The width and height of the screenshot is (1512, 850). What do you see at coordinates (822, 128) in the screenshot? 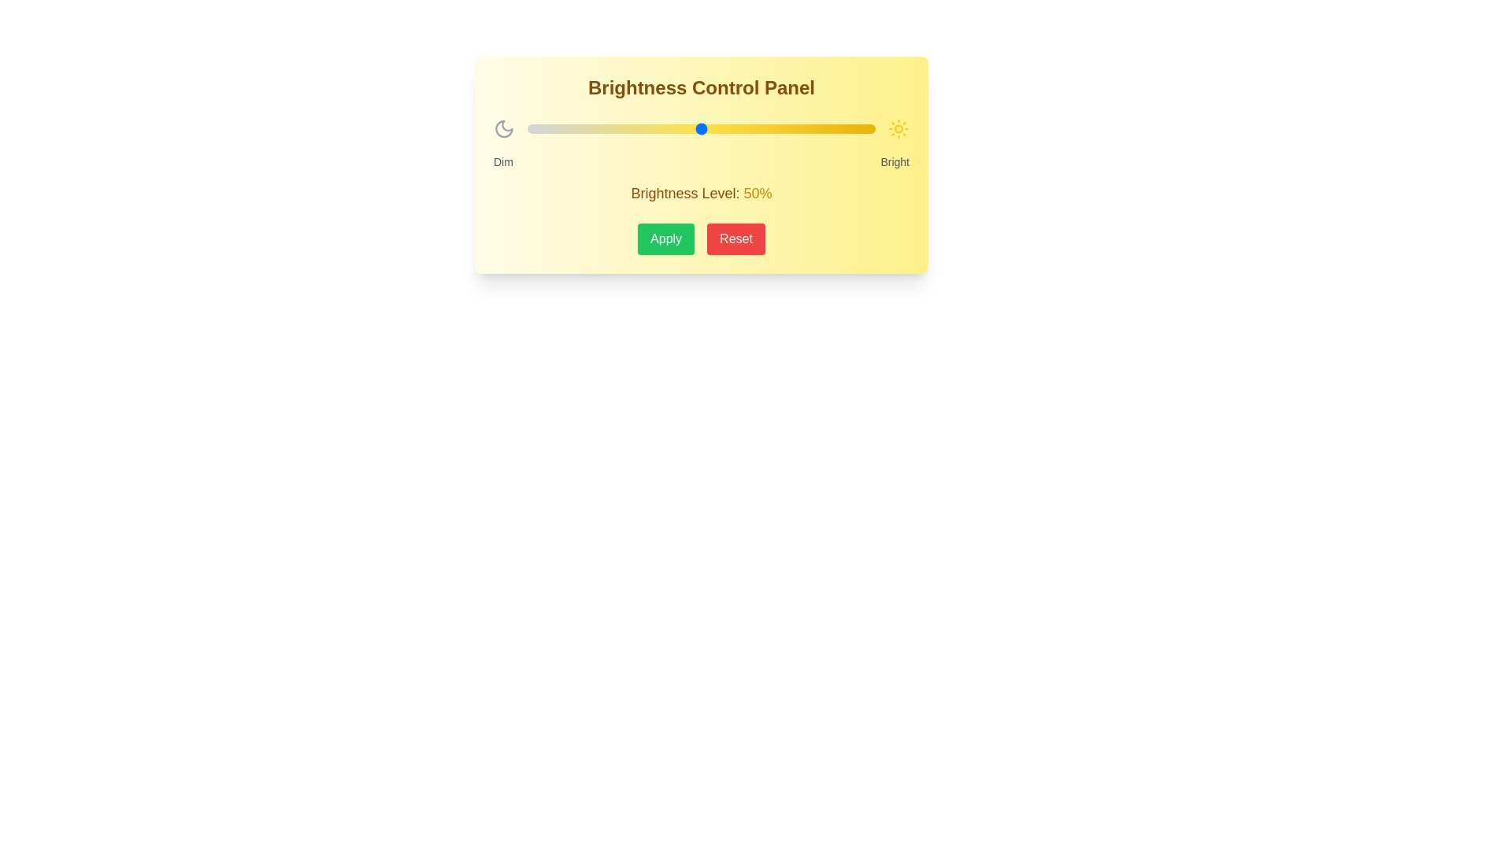
I see `the brightness slider to 85%` at bounding box center [822, 128].